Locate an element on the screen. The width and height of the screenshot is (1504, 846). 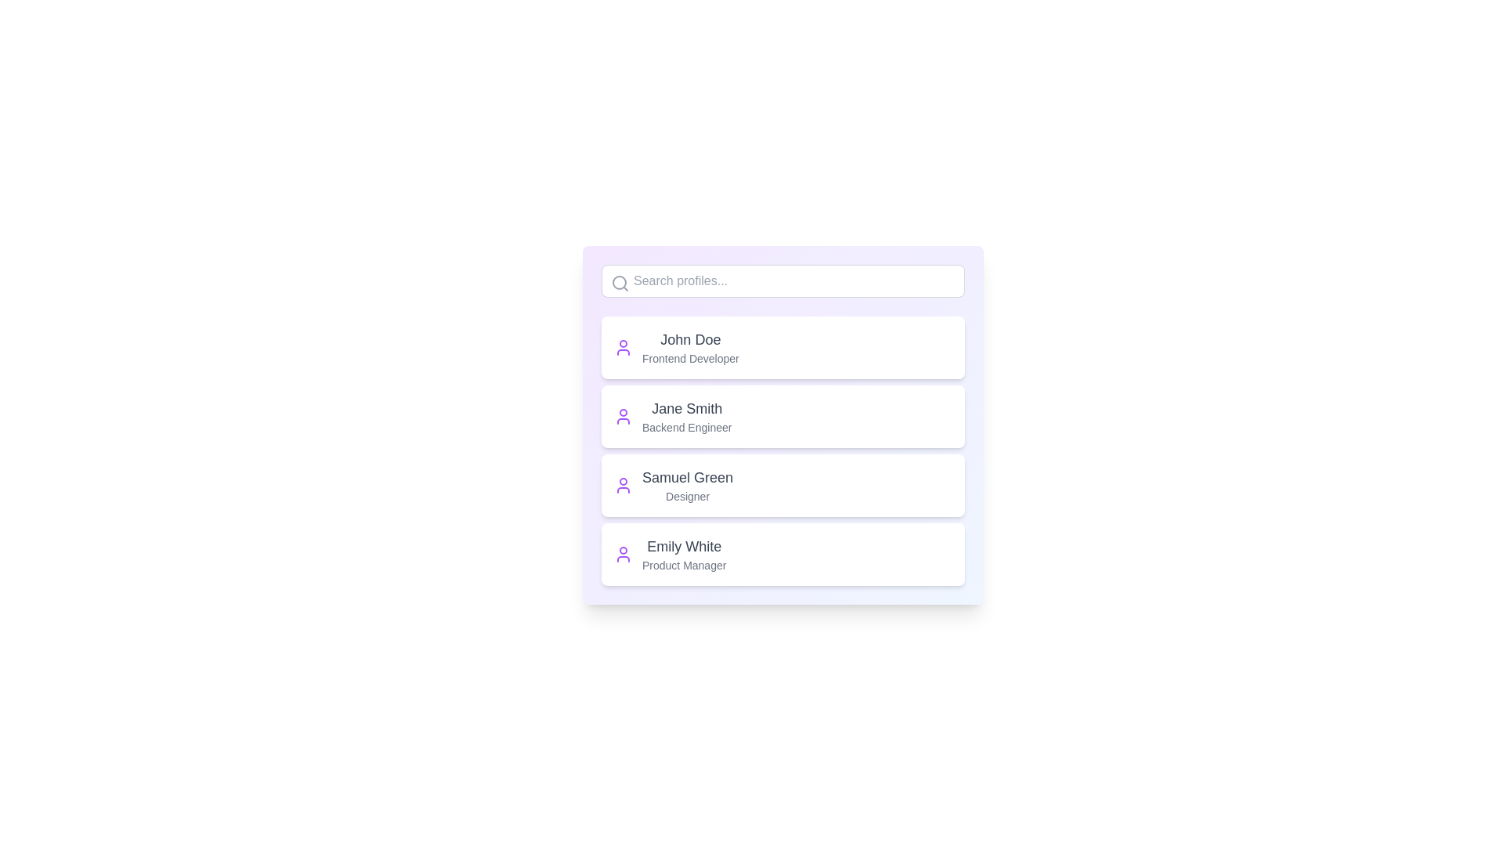
the list item displaying the name 'Samuel Green' is located at coordinates (783, 485).